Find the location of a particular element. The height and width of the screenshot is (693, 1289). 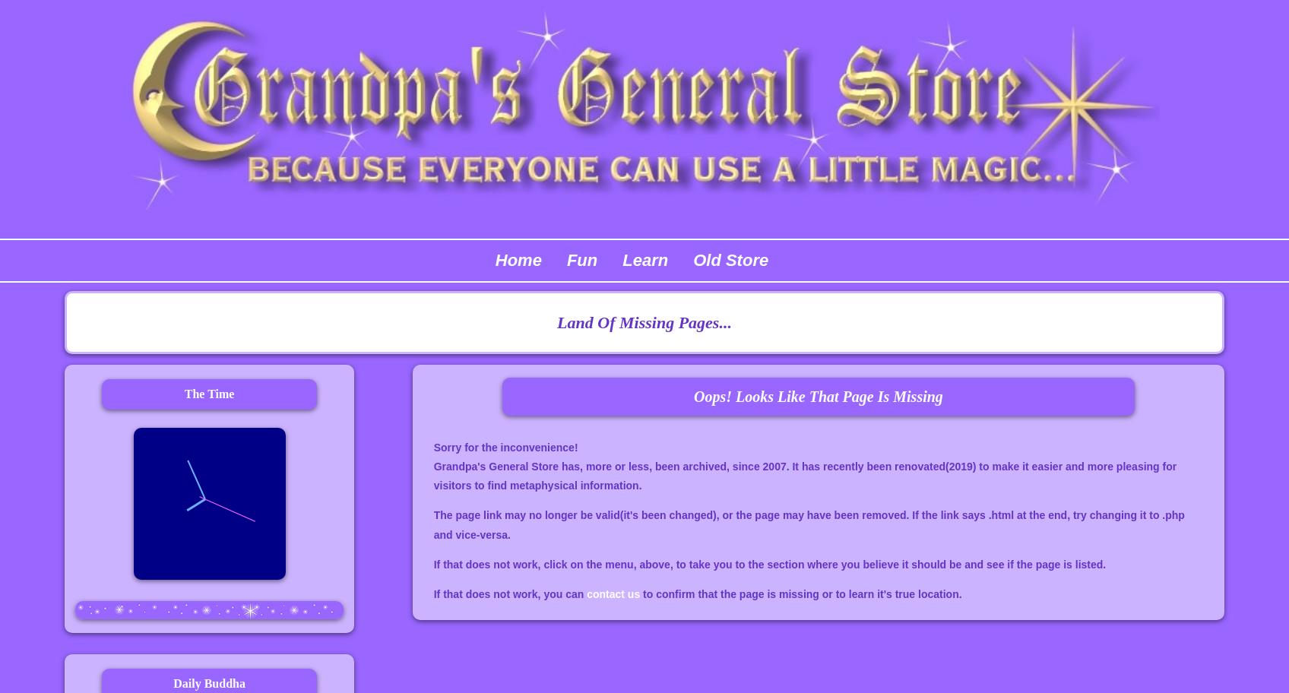

'If that does not work, you can' is located at coordinates (508, 593).